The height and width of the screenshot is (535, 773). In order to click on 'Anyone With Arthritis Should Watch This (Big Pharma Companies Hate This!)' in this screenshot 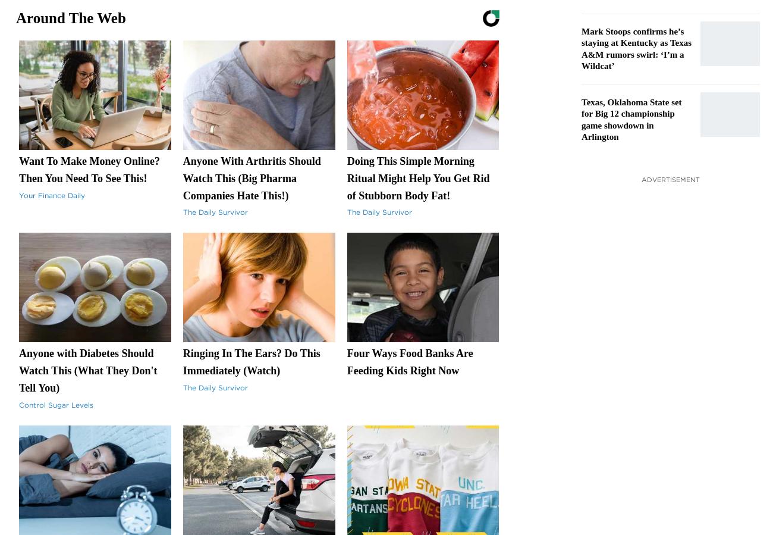, I will do `click(252, 178)`.